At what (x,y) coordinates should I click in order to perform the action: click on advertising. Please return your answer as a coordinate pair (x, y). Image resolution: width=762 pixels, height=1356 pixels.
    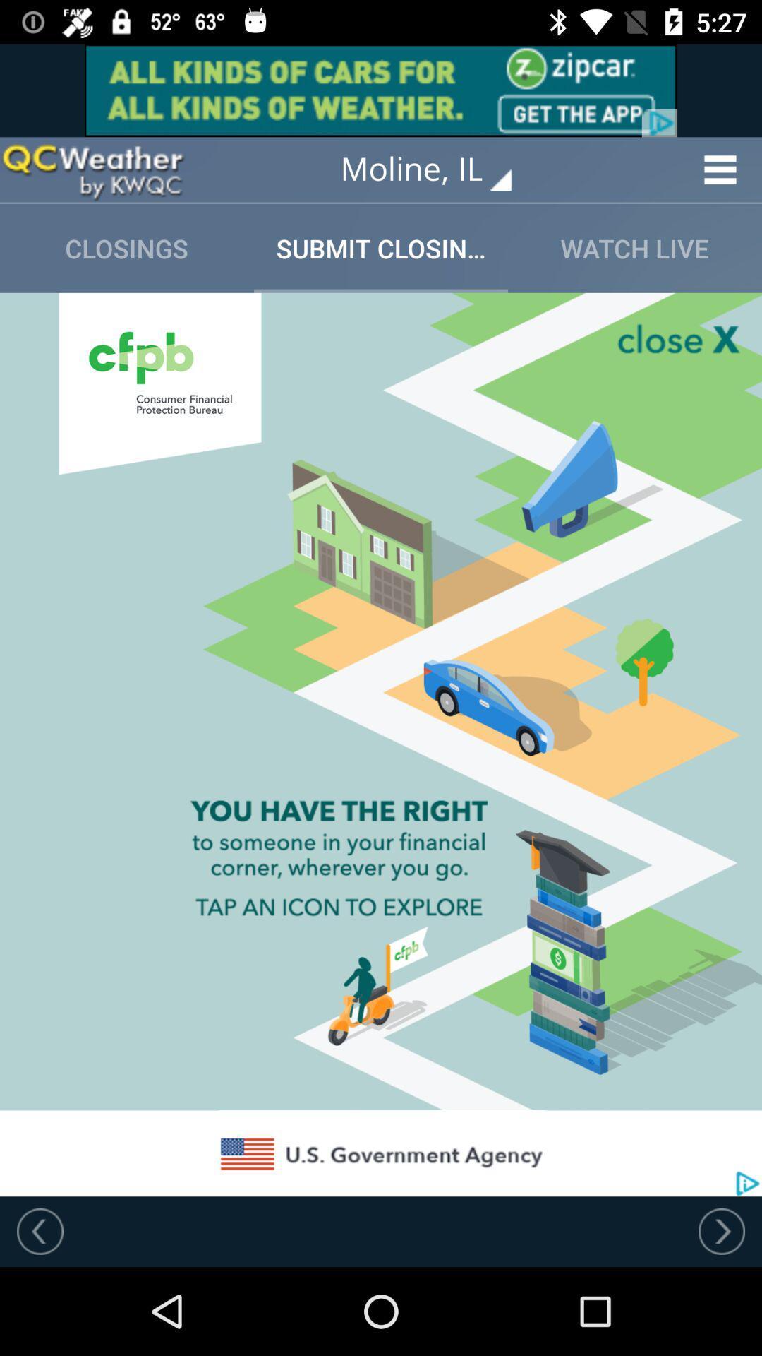
    Looking at the image, I should click on (381, 90).